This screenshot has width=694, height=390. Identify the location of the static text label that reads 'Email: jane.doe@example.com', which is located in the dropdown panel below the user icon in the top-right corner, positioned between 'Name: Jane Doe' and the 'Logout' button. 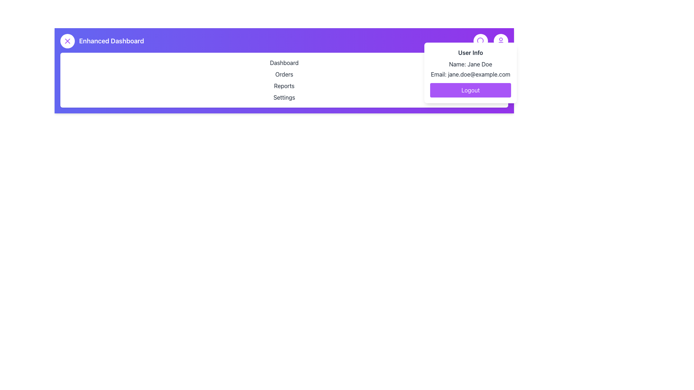
(470, 74).